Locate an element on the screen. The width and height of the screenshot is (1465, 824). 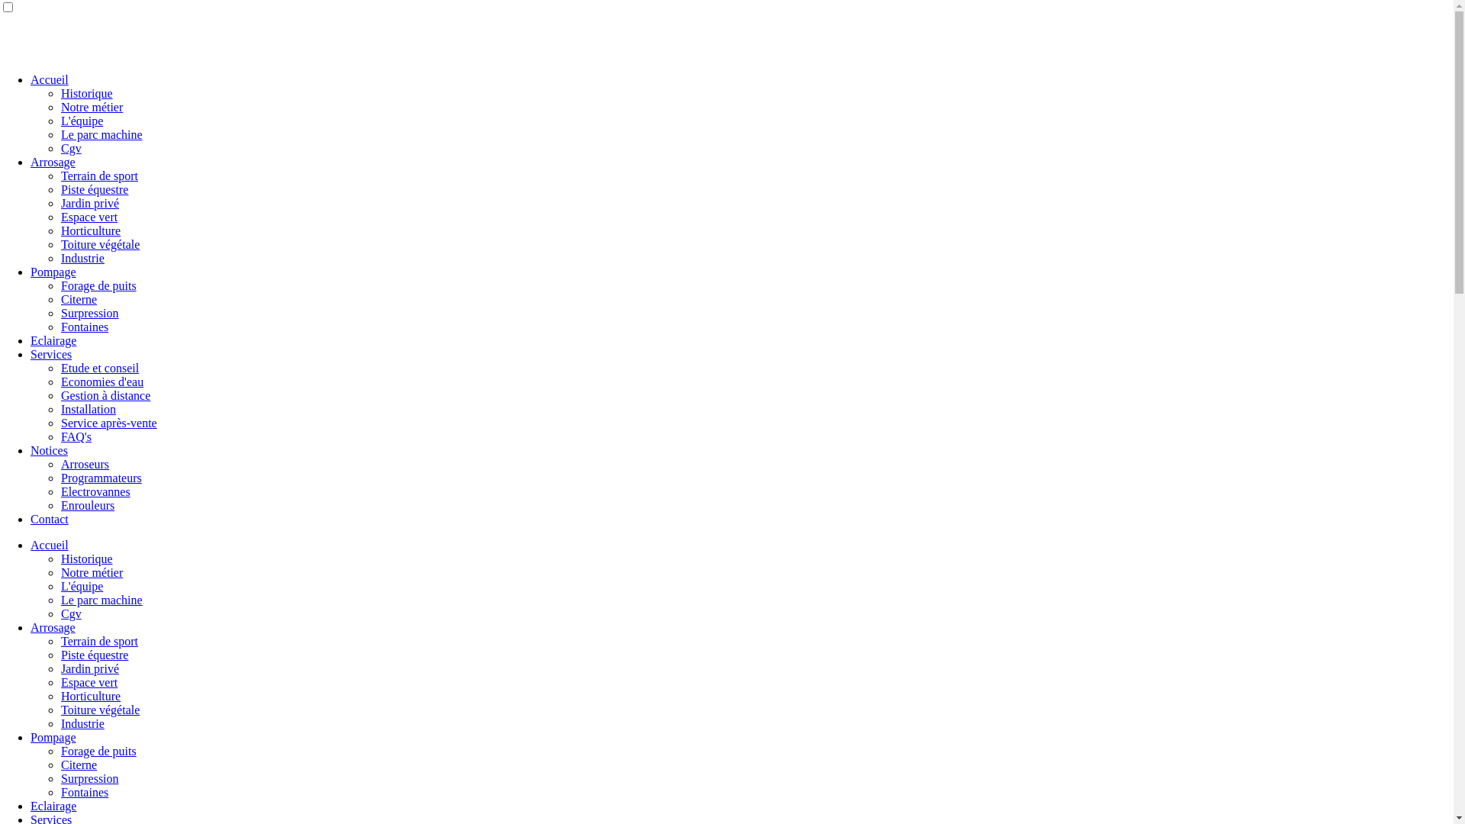
'Arroseurs' is located at coordinates (84, 463).